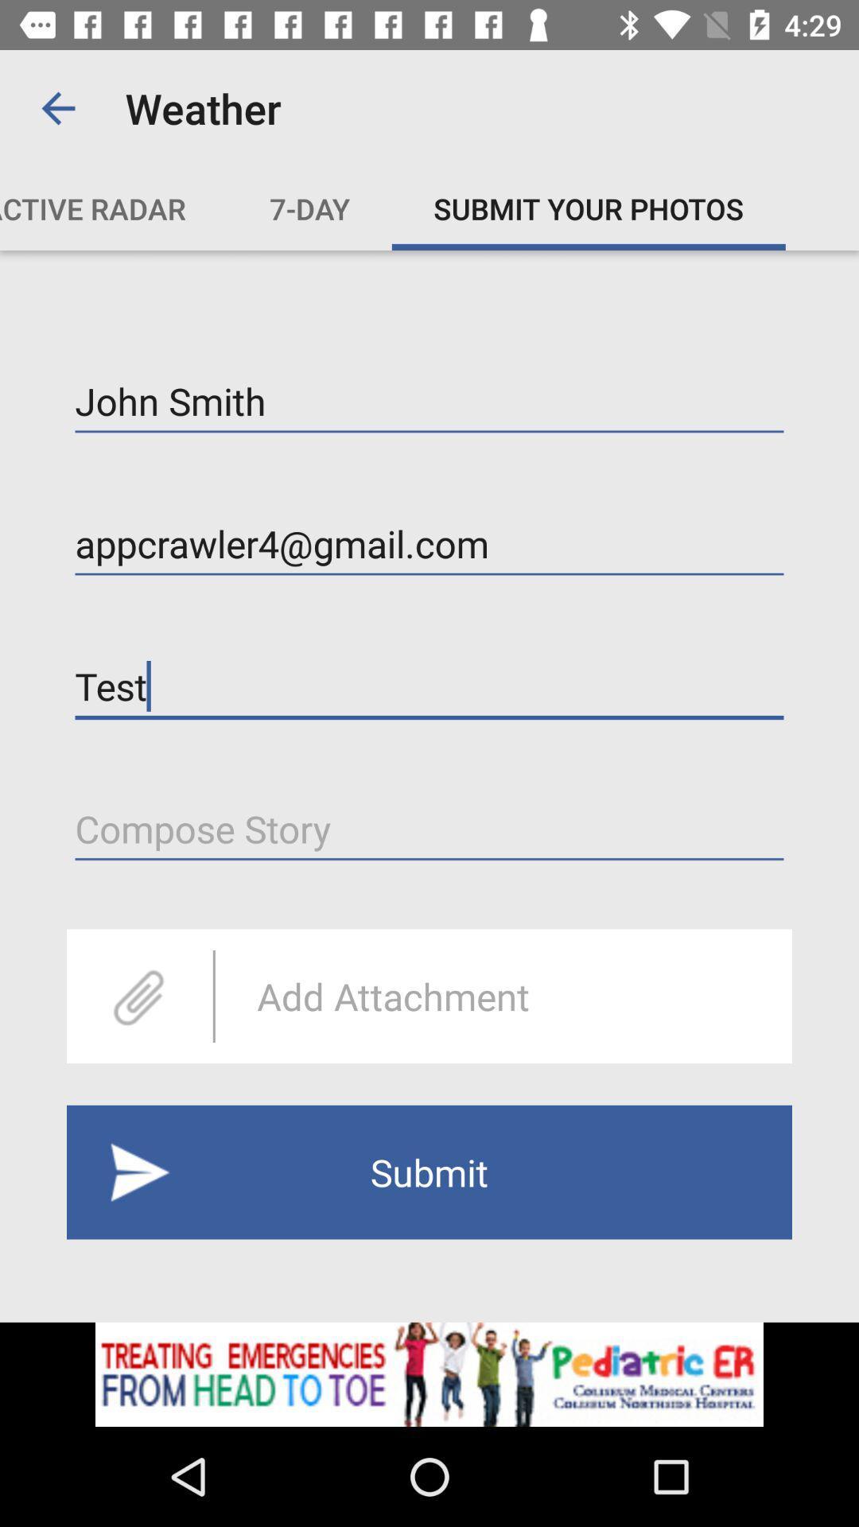 This screenshot has height=1527, width=859. Describe the element at coordinates (429, 829) in the screenshot. I see `words` at that location.